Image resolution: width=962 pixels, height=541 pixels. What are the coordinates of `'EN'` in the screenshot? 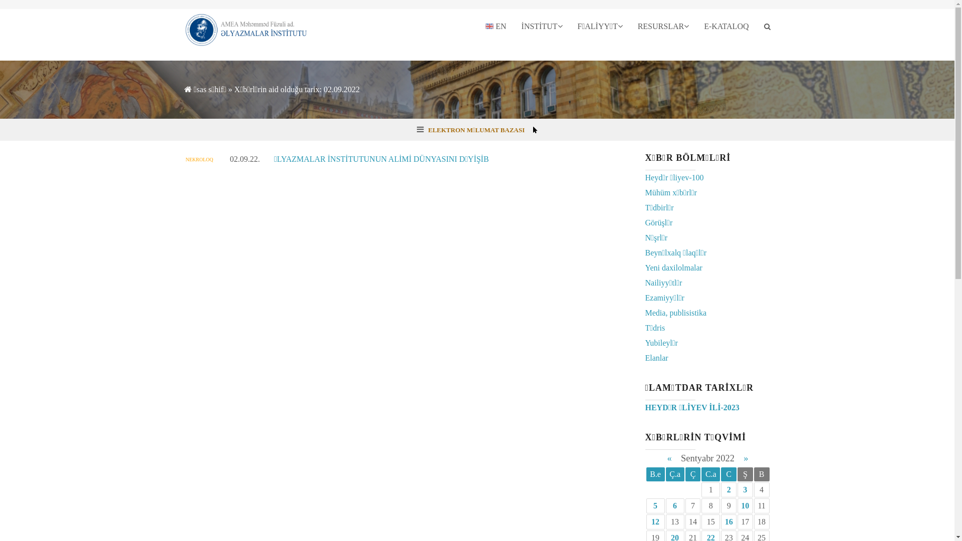 It's located at (477, 26).